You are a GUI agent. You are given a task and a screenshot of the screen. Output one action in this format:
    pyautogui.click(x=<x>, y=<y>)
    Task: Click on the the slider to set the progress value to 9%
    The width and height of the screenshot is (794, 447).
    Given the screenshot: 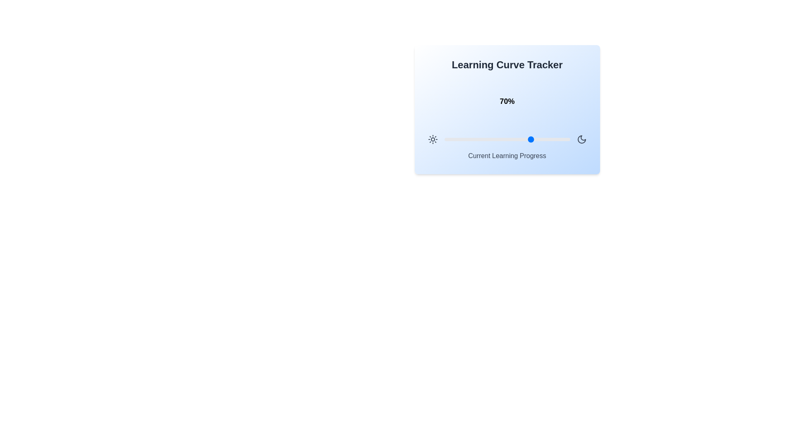 What is the action you would take?
    pyautogui.click(x=455, y=139)
    